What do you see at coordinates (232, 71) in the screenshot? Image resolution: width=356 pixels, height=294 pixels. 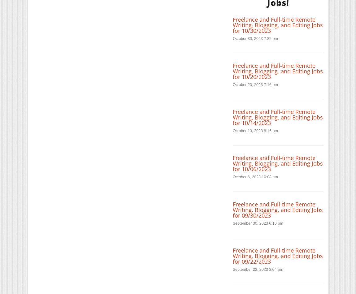 I see `'Freelance and Full-time Remote Writing, Blogging, and Editing Jobs for 10/20/2023'` at bounding box center [232, 71].